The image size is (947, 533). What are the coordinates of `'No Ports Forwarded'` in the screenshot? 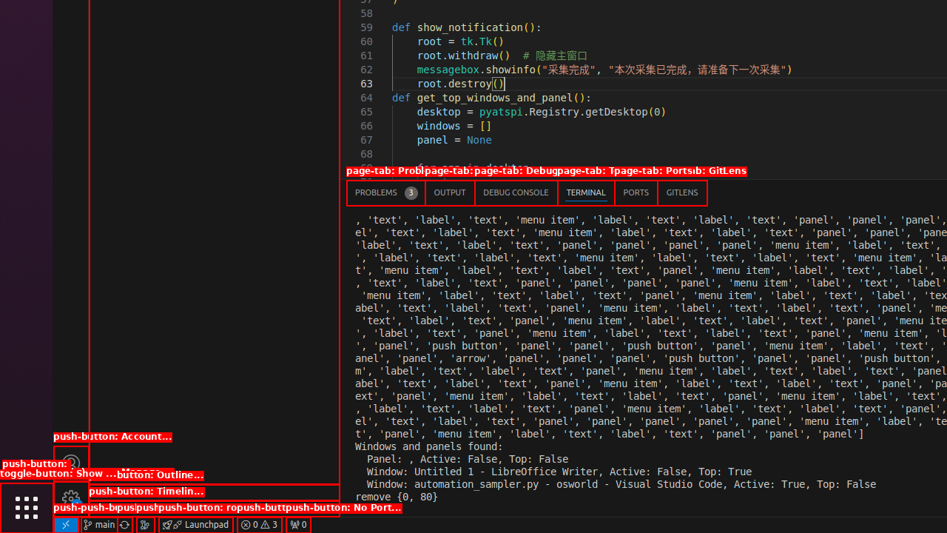 It's located at (297, 523).